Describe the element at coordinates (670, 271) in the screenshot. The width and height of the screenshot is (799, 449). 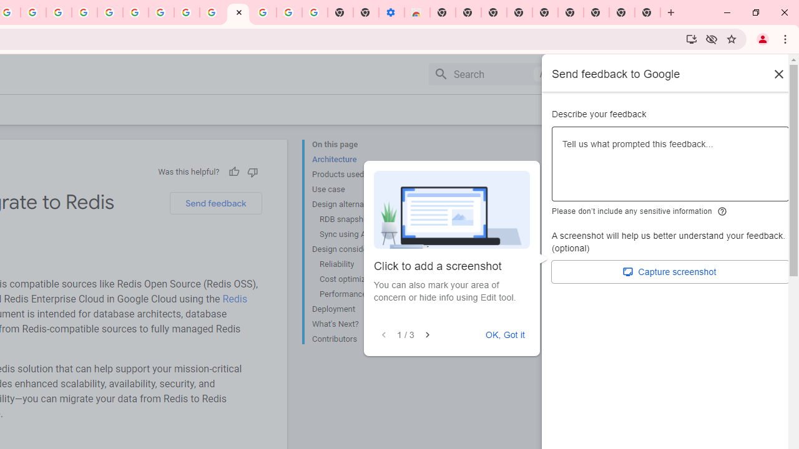
I see `'Capture screenshot'` at that location.